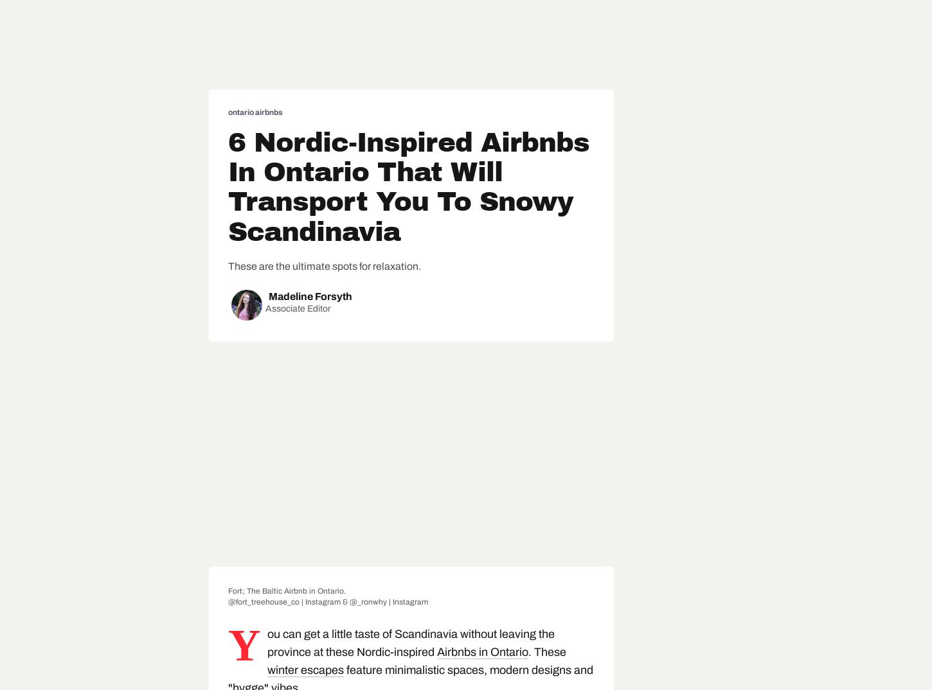 This screenshot has height=690, width=932. Describe the element at coordinates (298, 308) in the screenshot. I see `'Associate Editor'` at that location.